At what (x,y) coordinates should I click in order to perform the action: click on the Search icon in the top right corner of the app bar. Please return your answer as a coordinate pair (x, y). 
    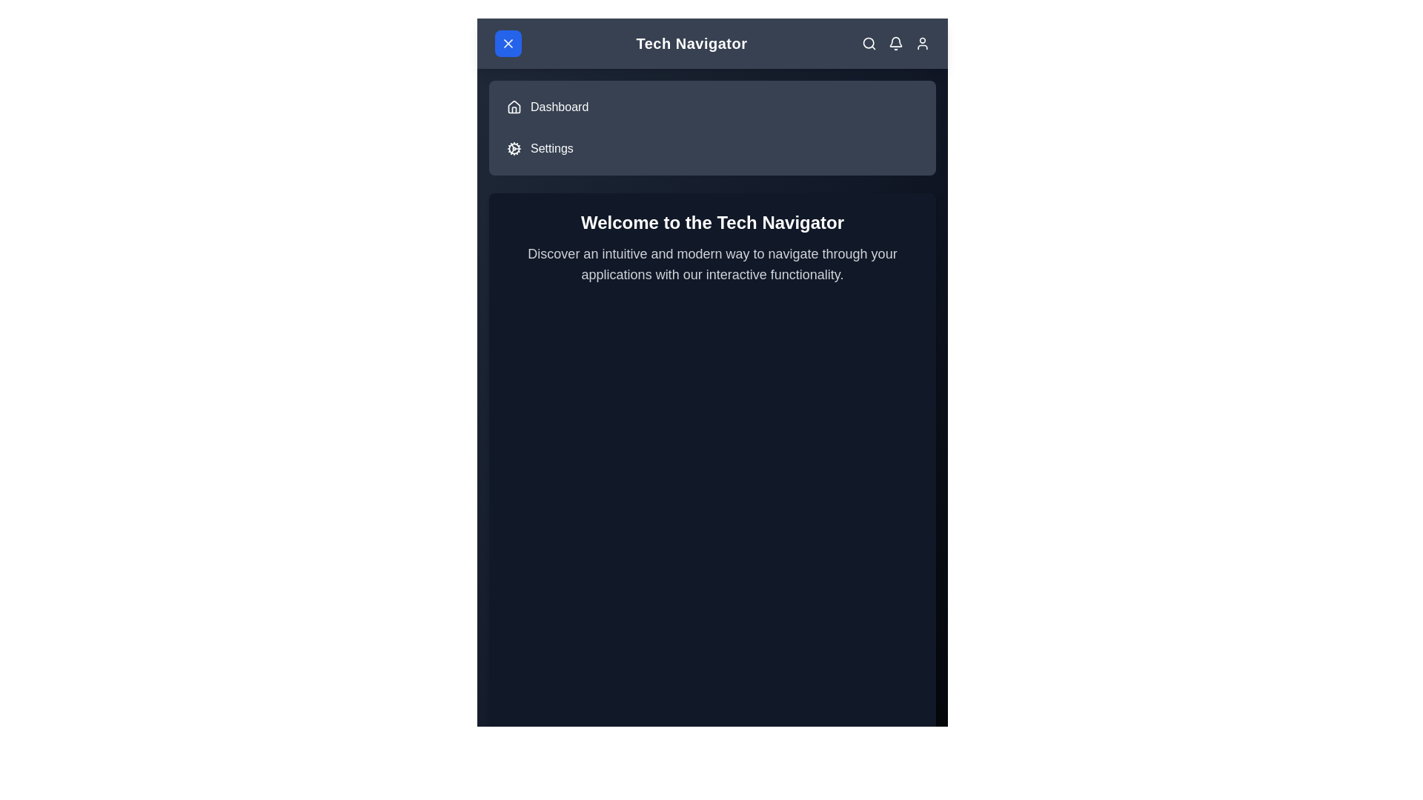
    Looking at the image, I should click on (869, 42).